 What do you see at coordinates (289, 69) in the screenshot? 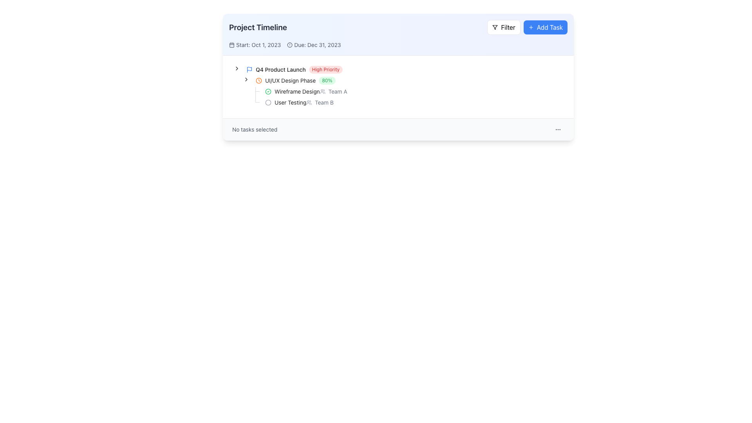
I see `the collapsible tree node labeled 'Q4 Product Launch' with 'High Priority' indicator` at bounding box center [289, 69].